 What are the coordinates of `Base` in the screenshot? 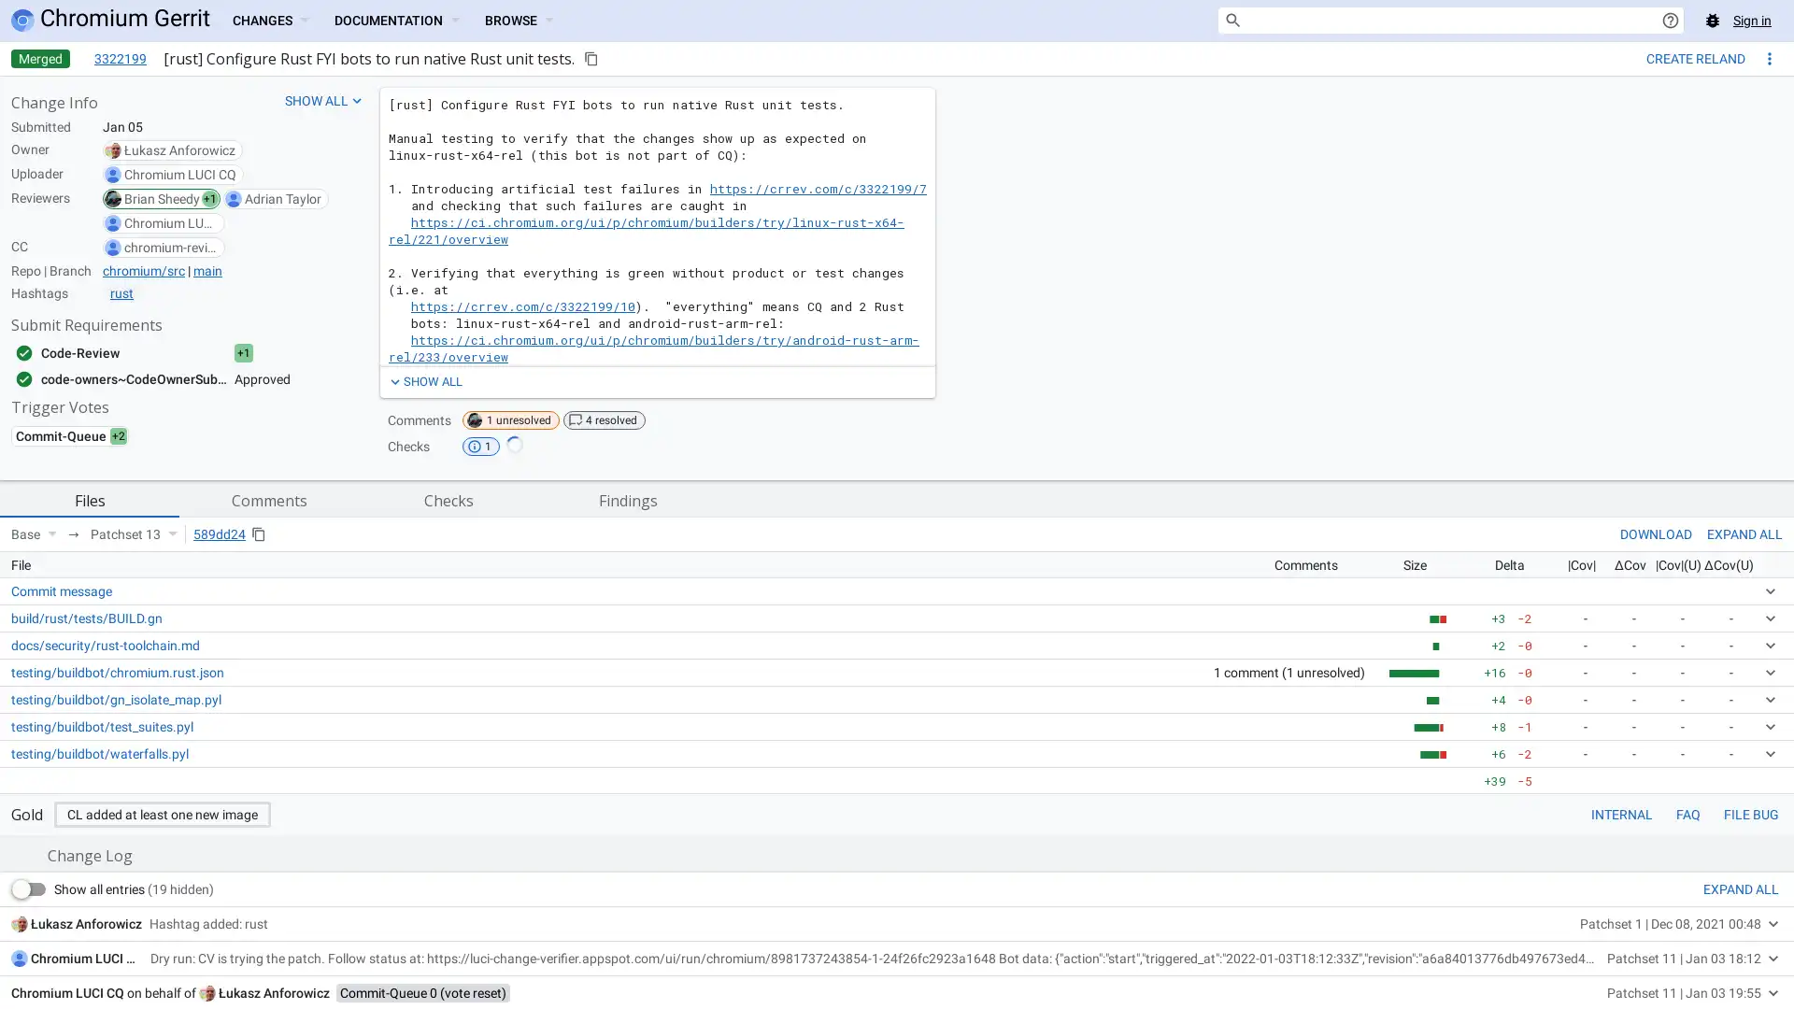 It's located at (34, 533).